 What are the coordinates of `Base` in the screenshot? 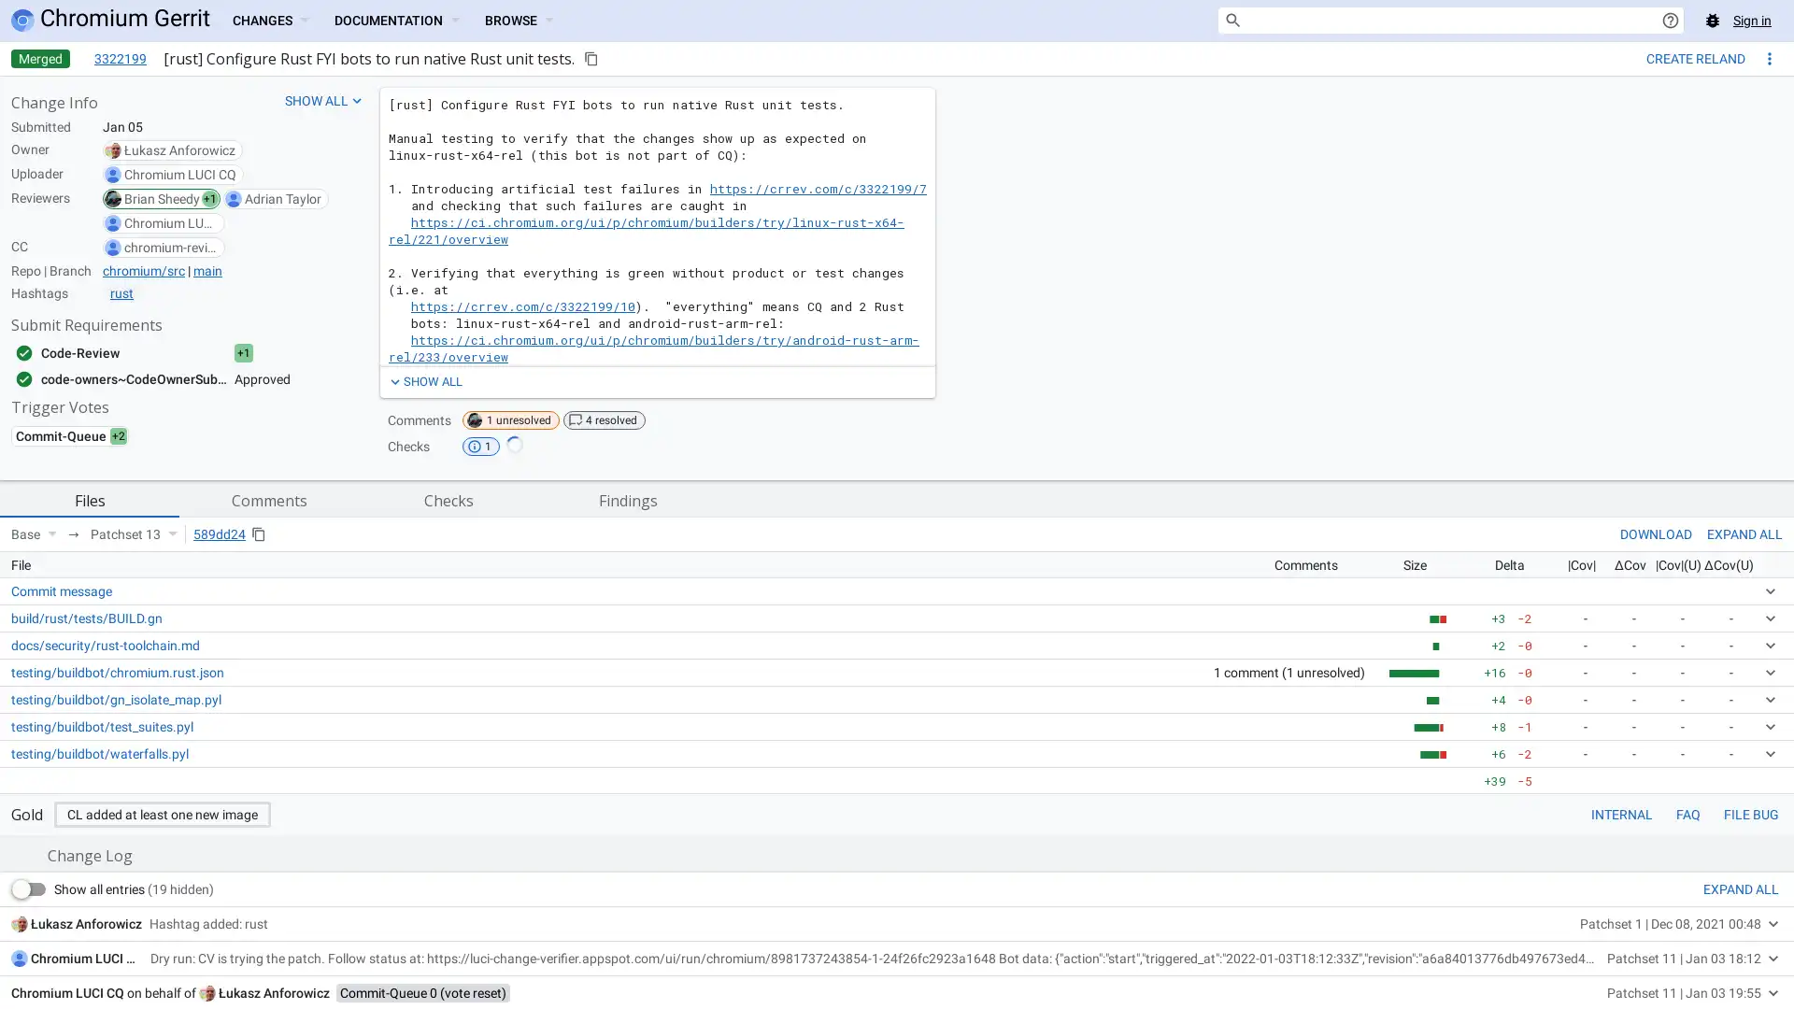 It's located at (34, 533).